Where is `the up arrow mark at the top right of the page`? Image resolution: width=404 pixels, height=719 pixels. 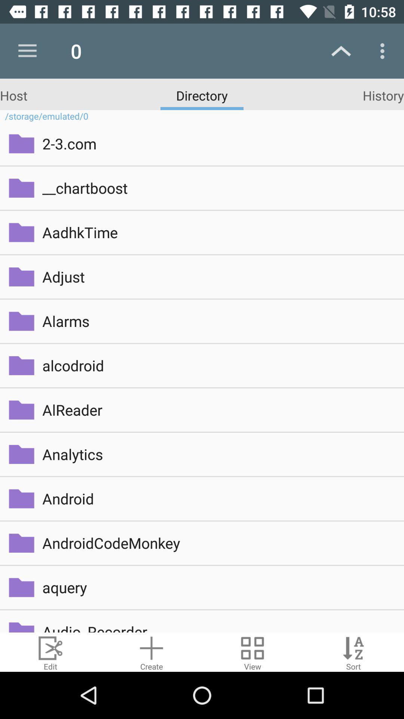
the up arrow mark at the top right of the page is located at coordinates (341, 51).